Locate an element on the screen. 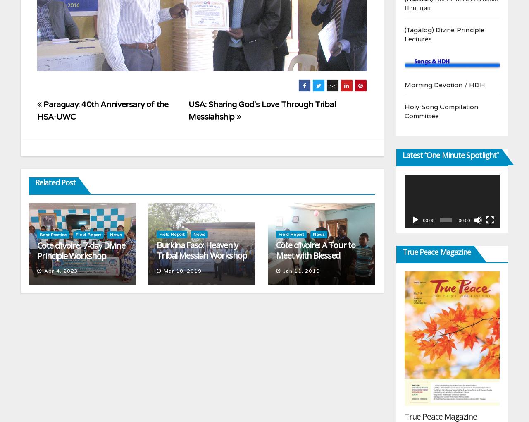 Image resolution: width=529 pixels, height=422 pixels. 'Jan 11, 2019' is located at coordinates (301, 271).